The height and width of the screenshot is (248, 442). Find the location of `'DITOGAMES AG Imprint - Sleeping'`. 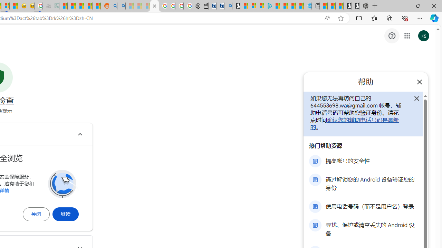

'DITOGAMES AG Imprint - Sleeping' is located at coordinates (55, 6).